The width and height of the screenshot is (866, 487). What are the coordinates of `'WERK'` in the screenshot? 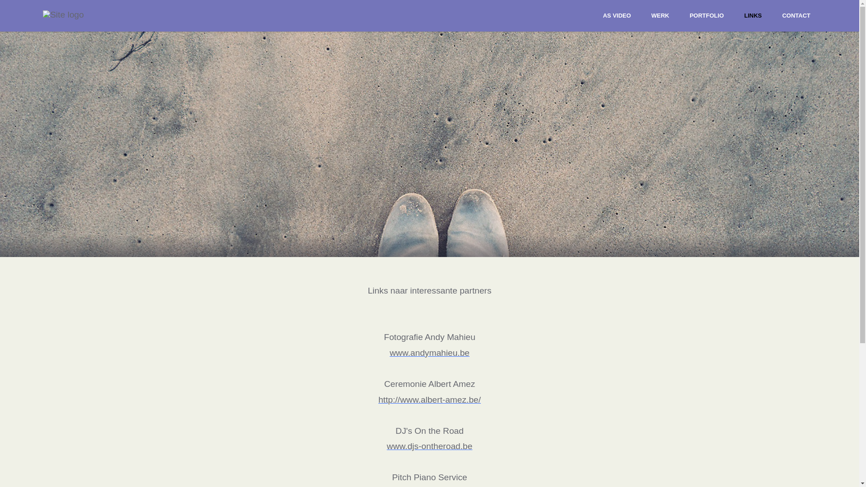 It's located at (645, 15).